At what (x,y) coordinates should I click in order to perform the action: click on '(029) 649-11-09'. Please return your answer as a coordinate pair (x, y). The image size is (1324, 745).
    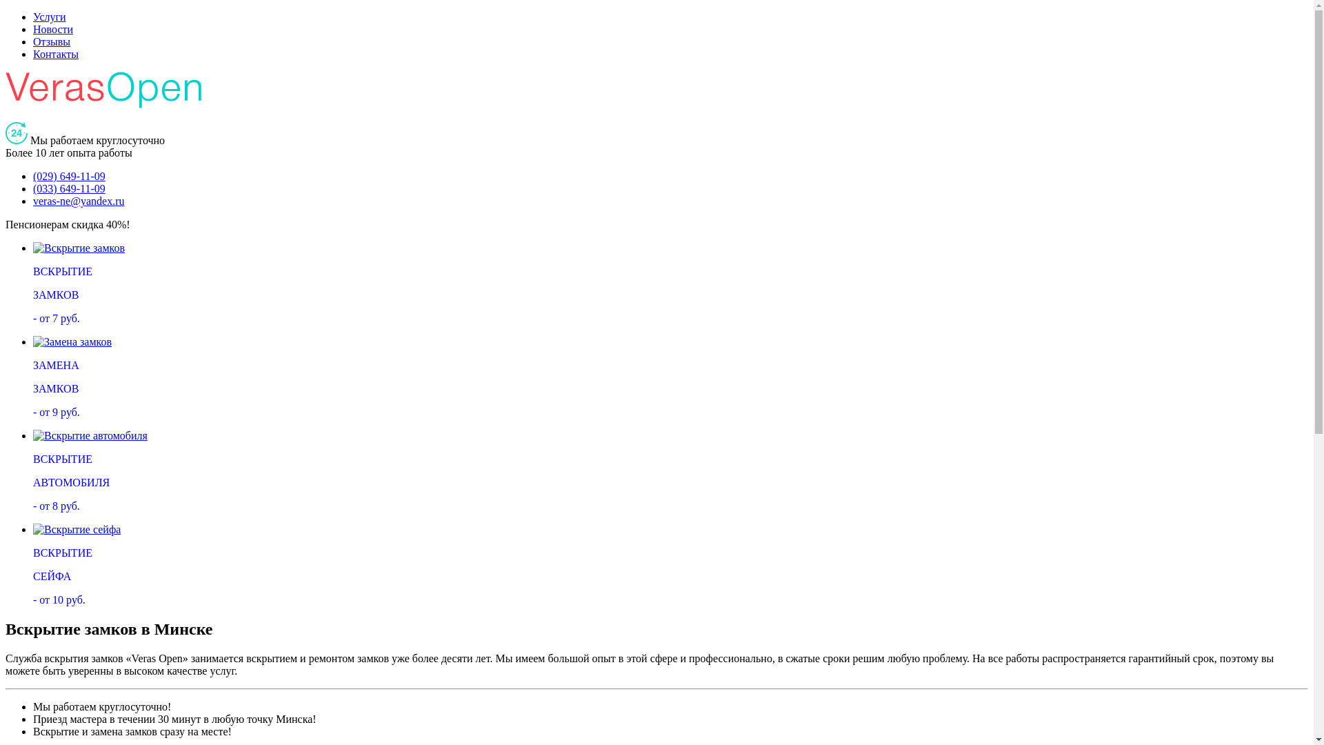
    Looking at the image, I should click on (68, 175).